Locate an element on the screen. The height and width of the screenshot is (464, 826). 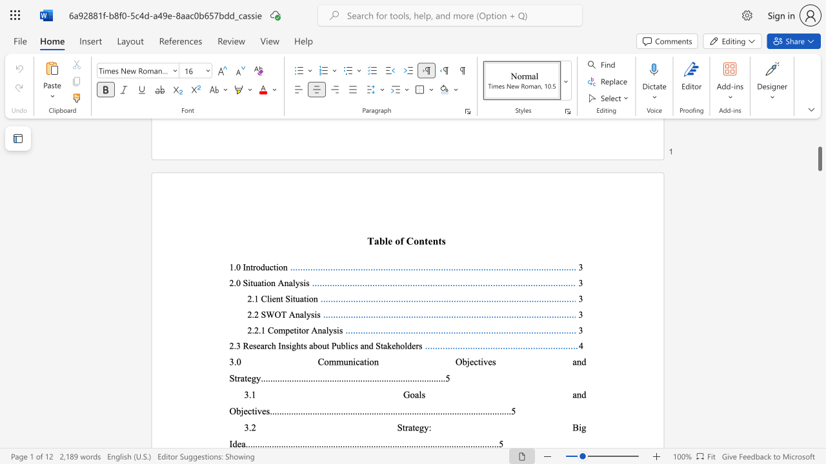
the subset text "....." within the text ".............................................................................." is located at coordinates (370, 411).